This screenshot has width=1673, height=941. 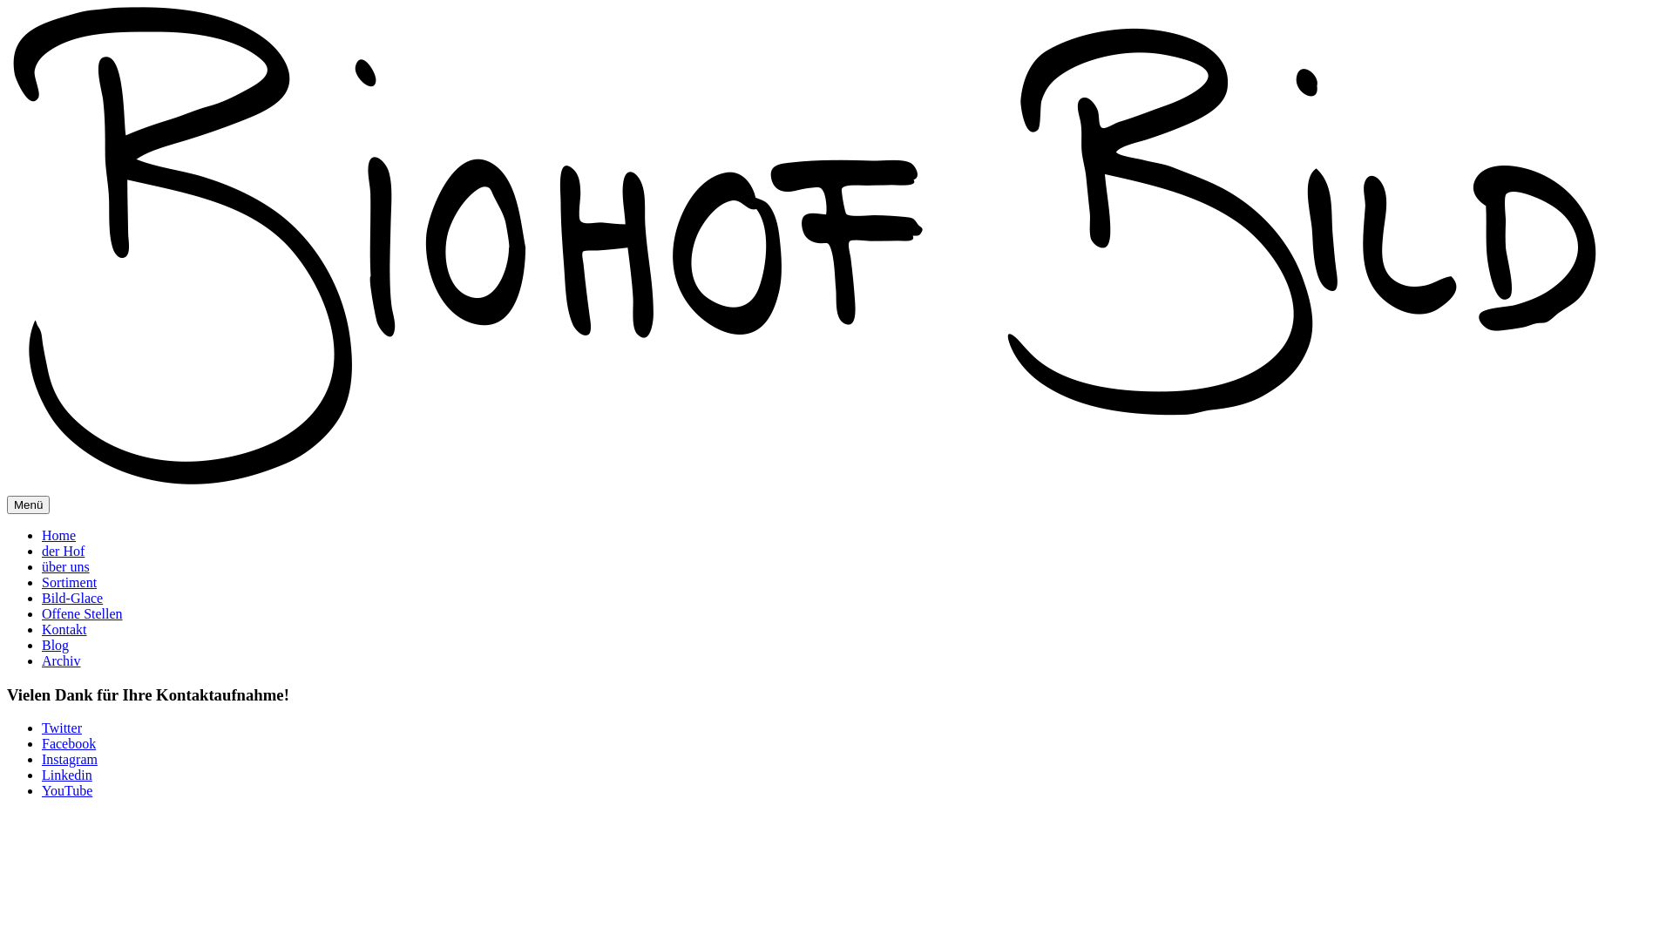 What do you see at coordinates (55, 645) in the screenshot?
I see `'Blog'` at bounding box center [55, 645].